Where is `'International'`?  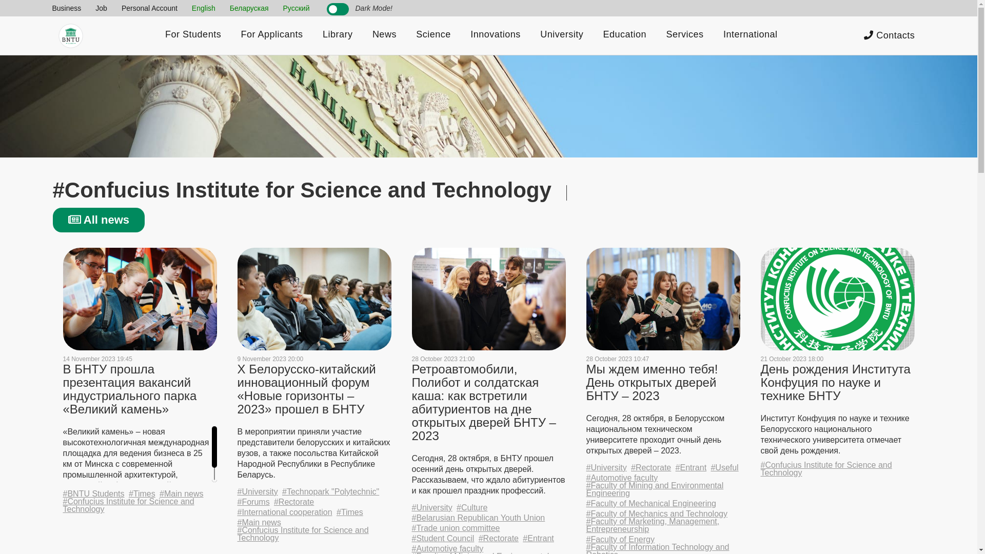 'International' is located at coordinates (751, 35).